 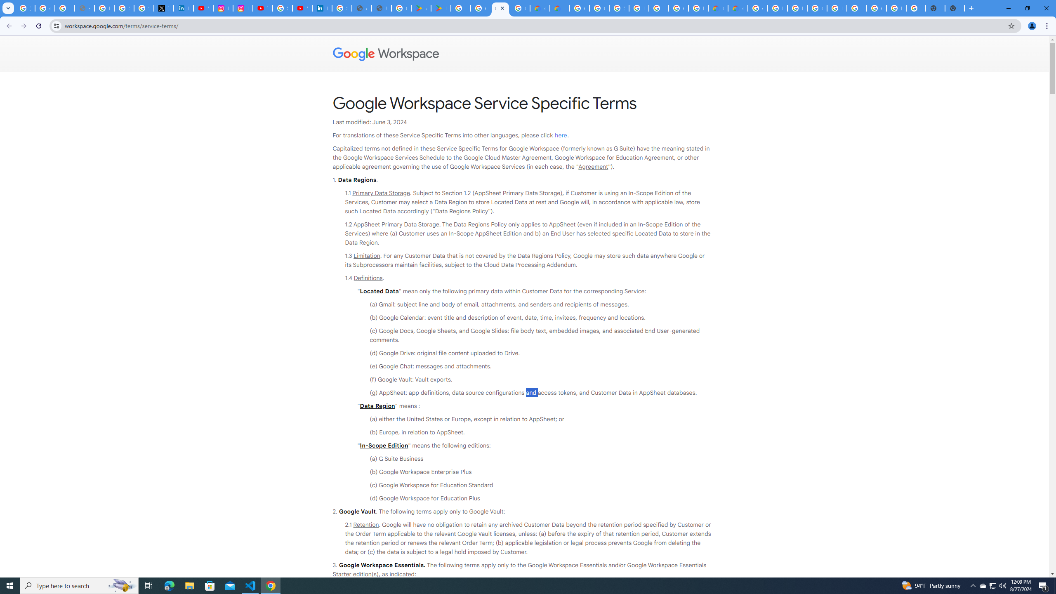 I want to click on 'PAW Patrol Rescue World - Apps on Google Play', so click(x=441, y=8).